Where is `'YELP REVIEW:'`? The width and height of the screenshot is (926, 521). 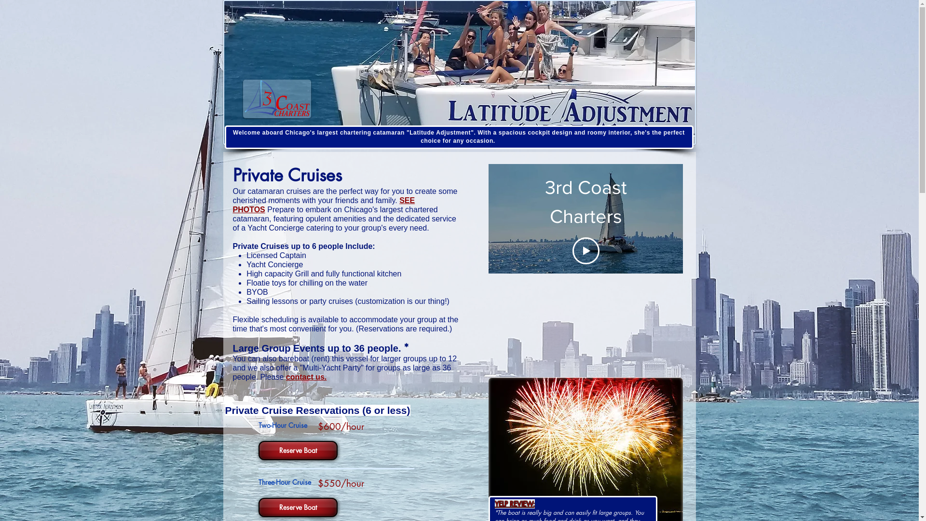
'YELP REVIEW:' is located at coordinates (514, 504).